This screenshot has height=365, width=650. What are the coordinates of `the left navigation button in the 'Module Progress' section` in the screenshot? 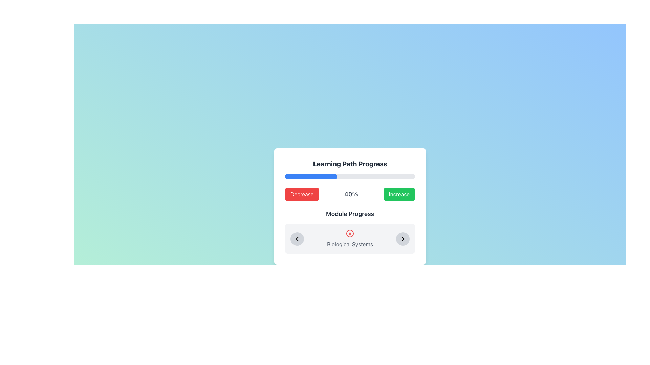 It's located at (297, 238).